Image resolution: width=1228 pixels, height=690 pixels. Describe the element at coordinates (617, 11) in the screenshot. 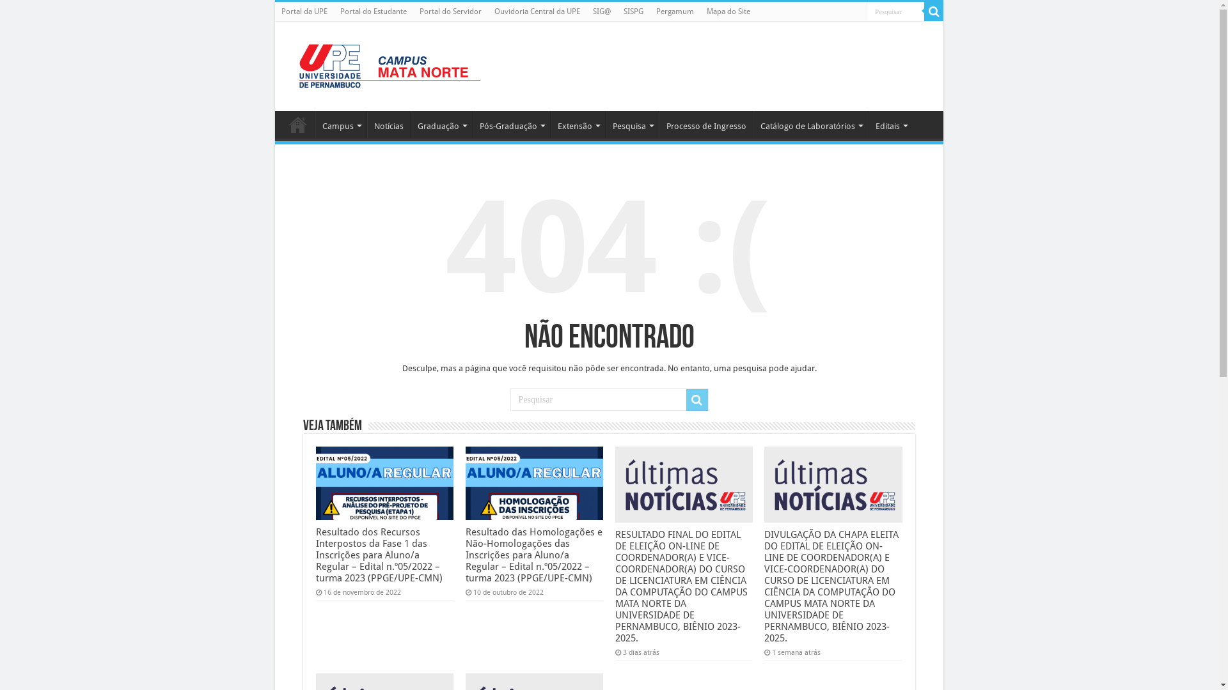

I see `'SISPG'` at that location.